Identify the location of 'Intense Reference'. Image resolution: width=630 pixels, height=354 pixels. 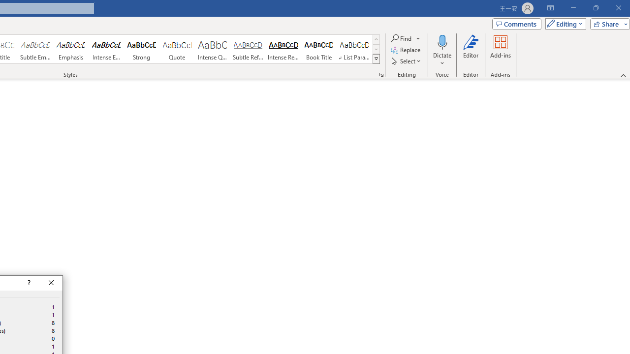
(283, 49).